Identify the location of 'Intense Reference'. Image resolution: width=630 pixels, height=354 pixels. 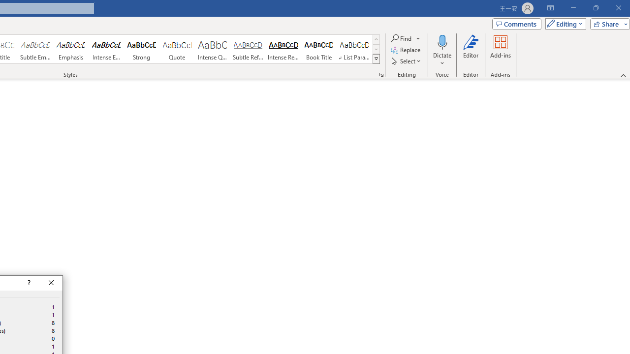
(283, 49).